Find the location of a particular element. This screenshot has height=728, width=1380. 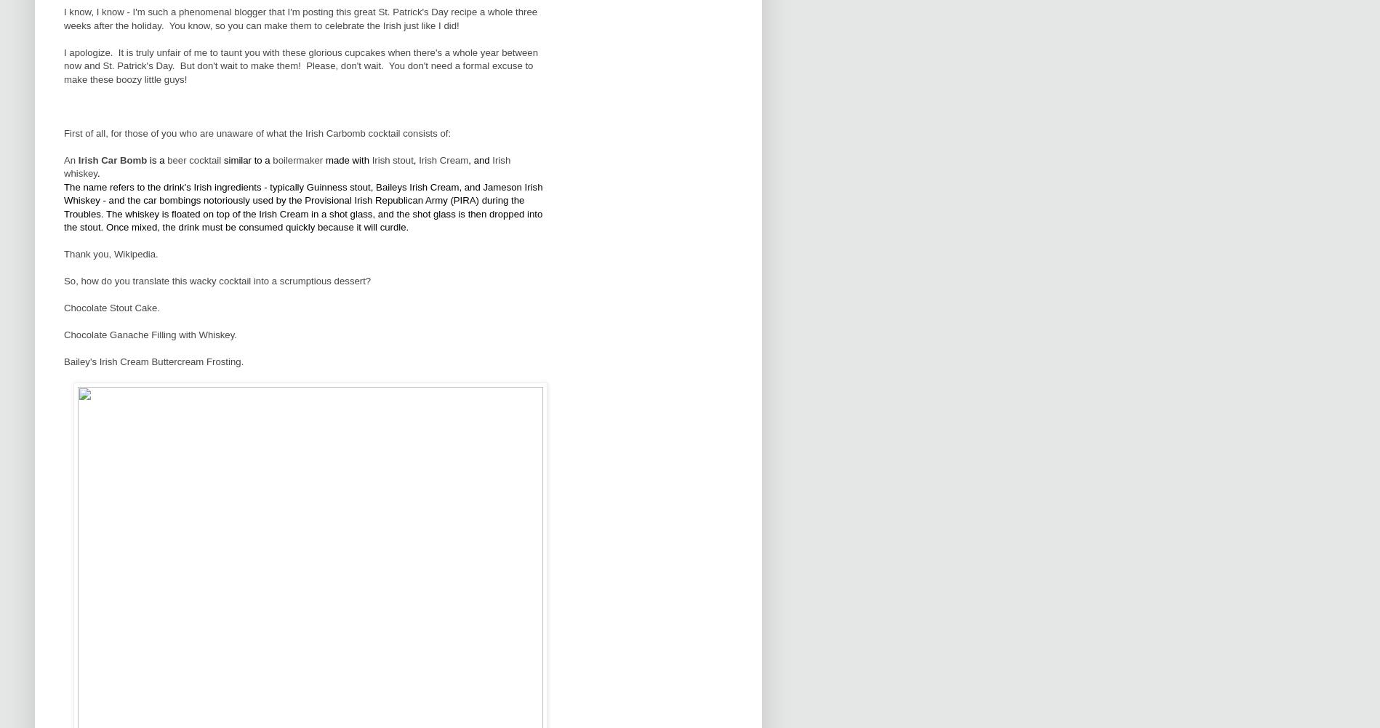

'is a' is located at coordinates (158, 159).